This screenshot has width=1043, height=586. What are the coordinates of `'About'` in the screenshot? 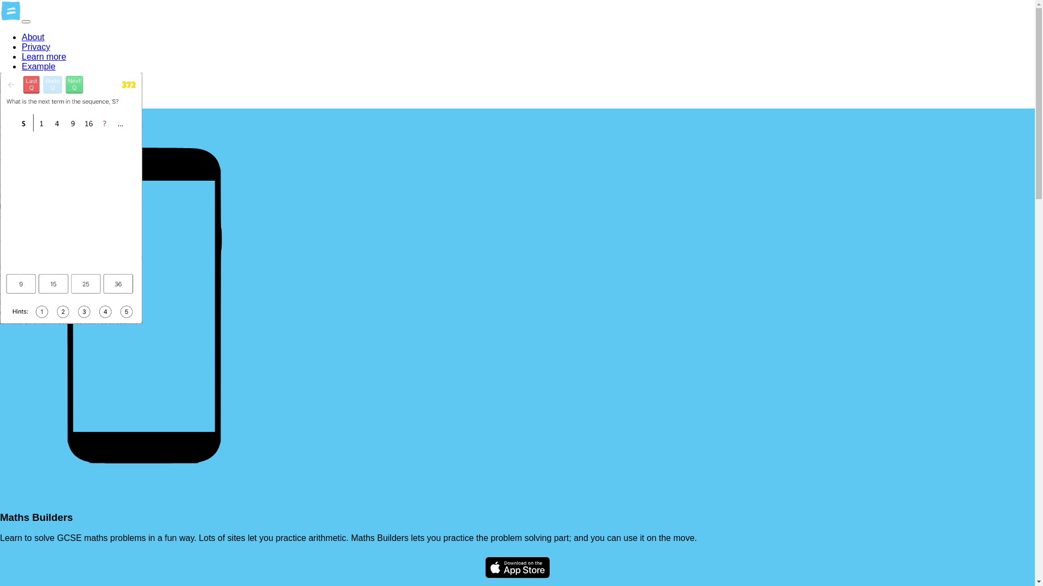 It's located at (21, 36).